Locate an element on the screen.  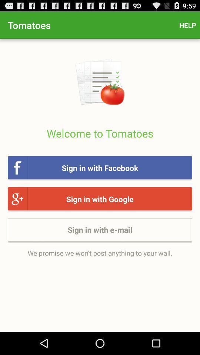
the help icon is located at coordinates (187, 25).